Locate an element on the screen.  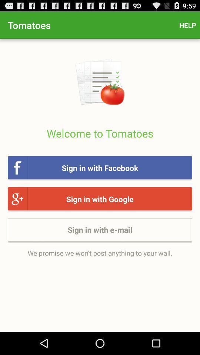
the help icon is located at coordinates (187, 25).